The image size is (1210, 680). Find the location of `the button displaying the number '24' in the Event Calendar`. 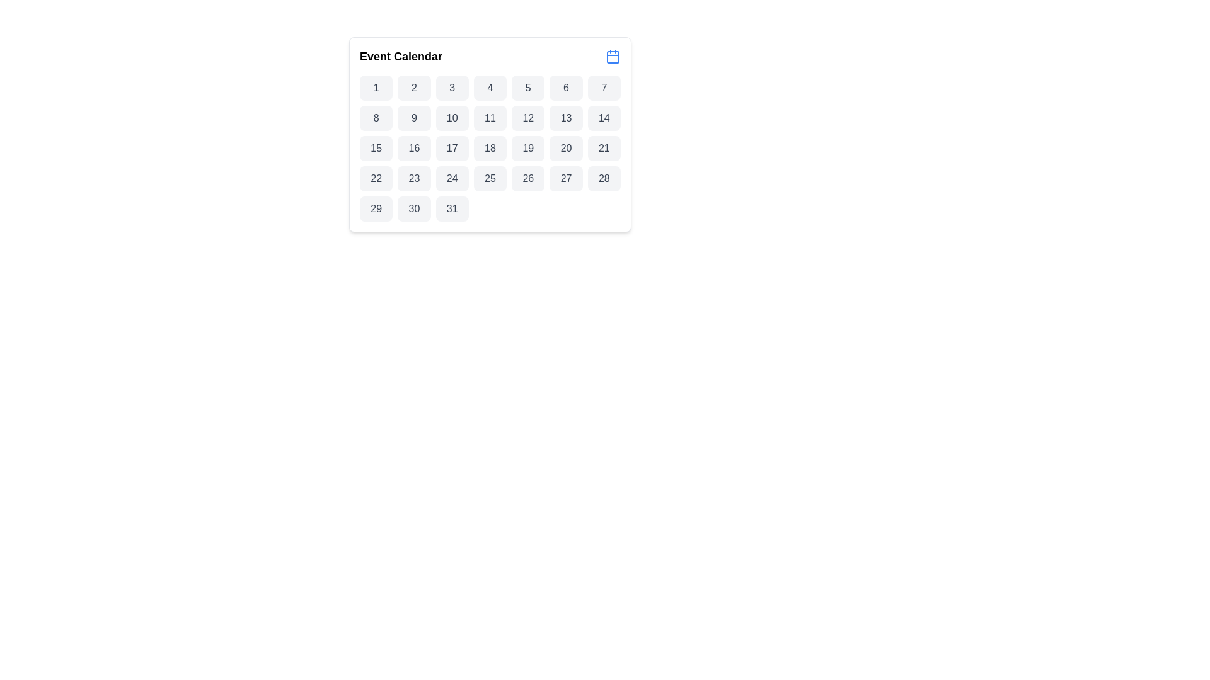

the button displaying the number '24' in the Event Calendar is located at coordinates (452, 179).